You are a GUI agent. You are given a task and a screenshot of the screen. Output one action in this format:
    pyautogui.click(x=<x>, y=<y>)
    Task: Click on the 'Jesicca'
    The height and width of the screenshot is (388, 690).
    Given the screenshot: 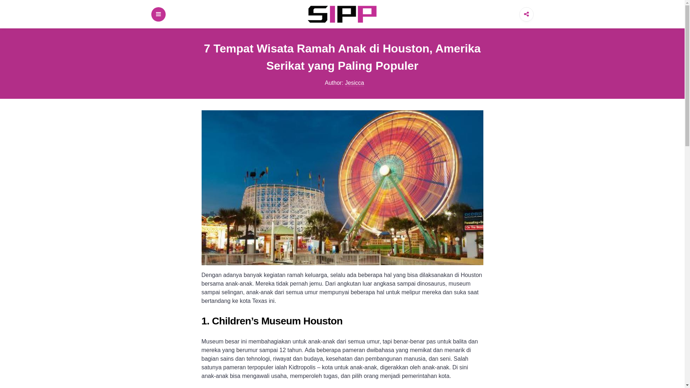 What is the action you would take?
    pyautogui.click(x=354, y=83)
    